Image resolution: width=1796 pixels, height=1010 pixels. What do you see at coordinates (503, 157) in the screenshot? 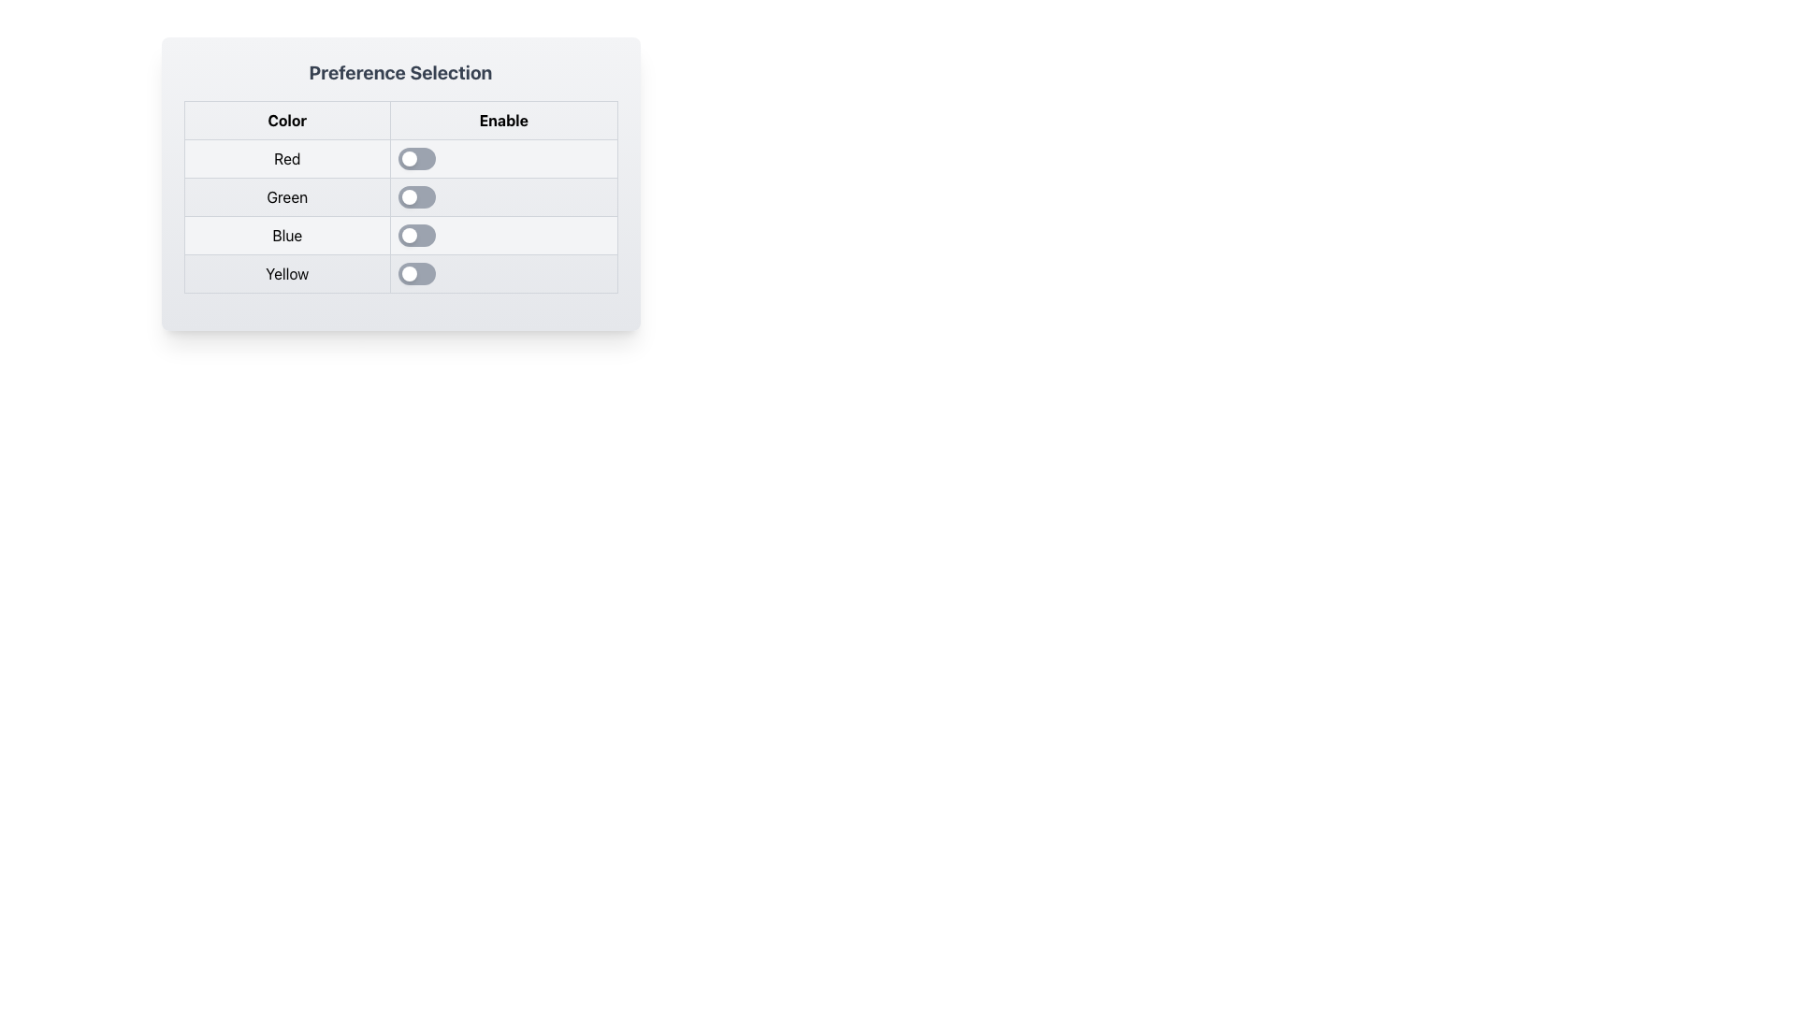
I see `the toggle switch located in the 'Enable' column of the table row labeled 'Red' to change its state` at bounding box center [503, 157].